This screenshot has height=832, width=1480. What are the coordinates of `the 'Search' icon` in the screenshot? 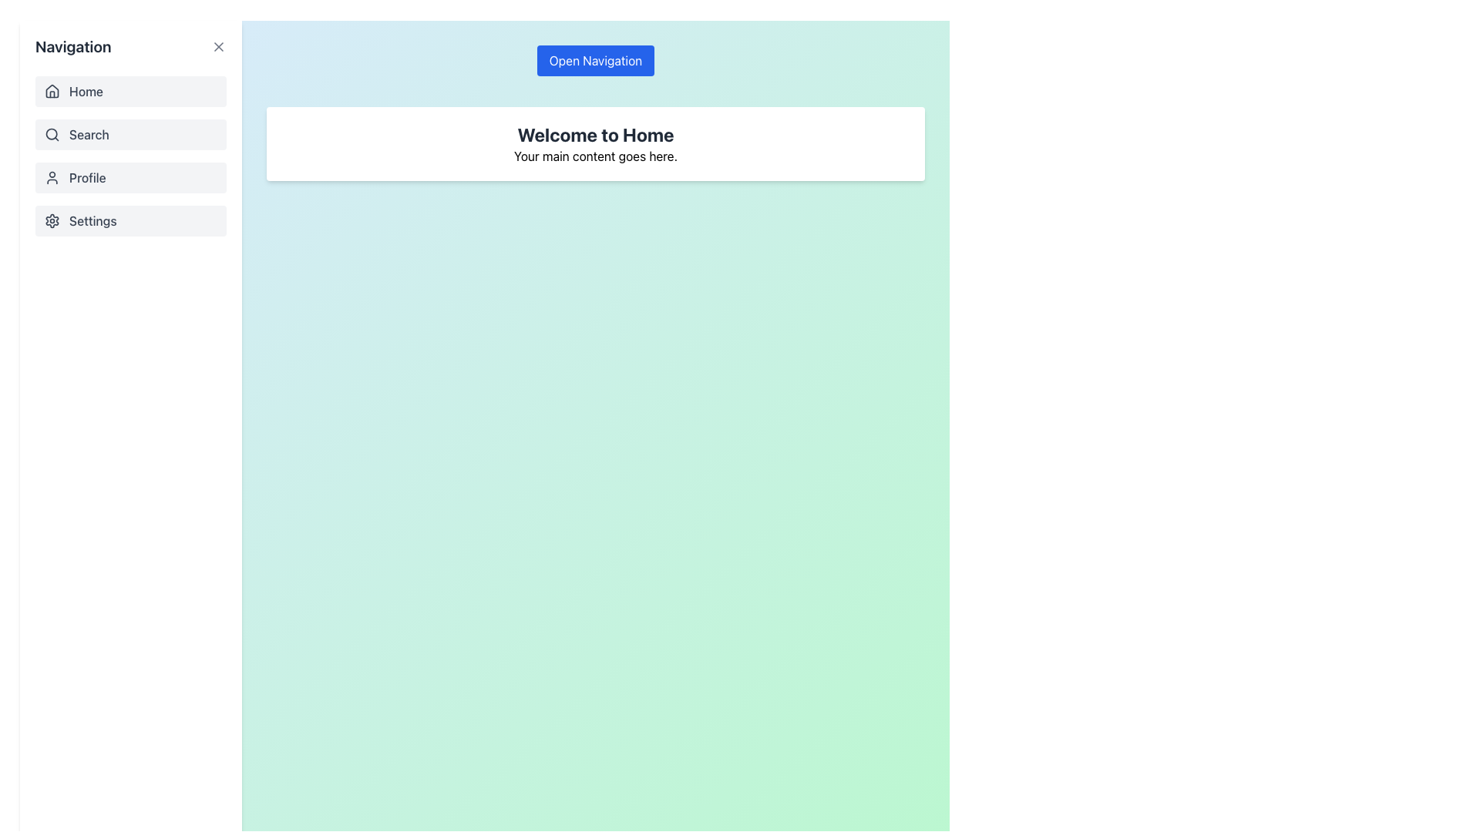 It's located at (52, 133).